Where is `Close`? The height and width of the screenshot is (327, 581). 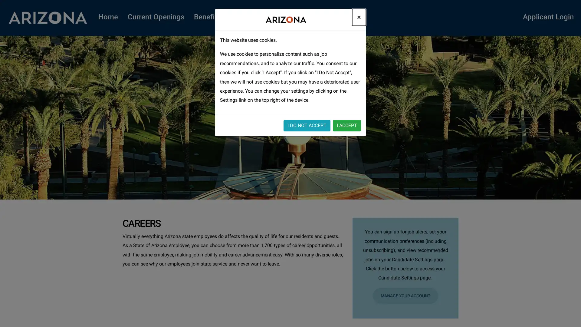
Close is located at coordinates (359, 17).